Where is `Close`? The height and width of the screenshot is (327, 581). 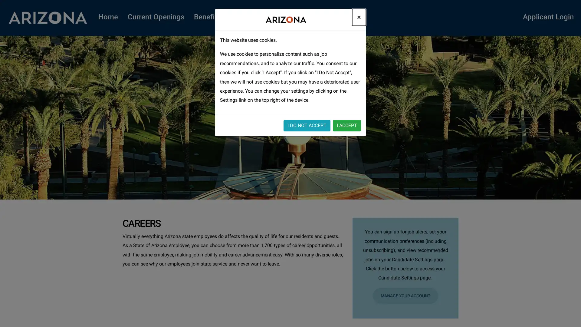
Close is located at coordinates (359, 17).